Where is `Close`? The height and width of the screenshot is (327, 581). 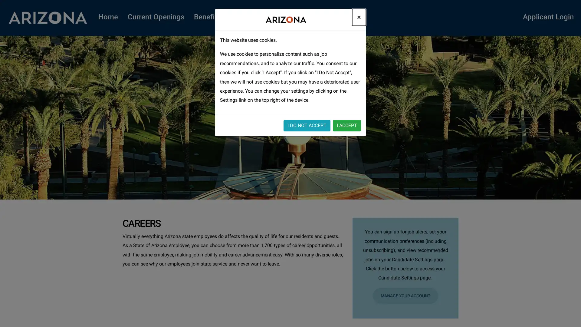
Close is located at coordinates (359, 17).